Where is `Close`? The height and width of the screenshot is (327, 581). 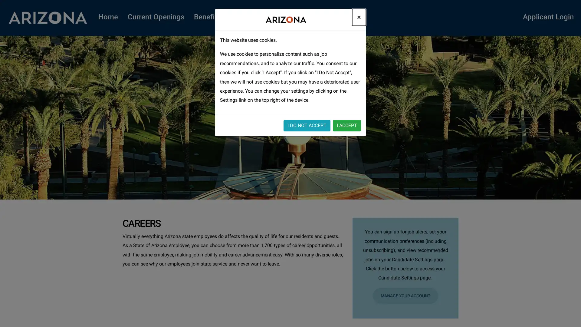
Close is located at coordinates (359, 17).